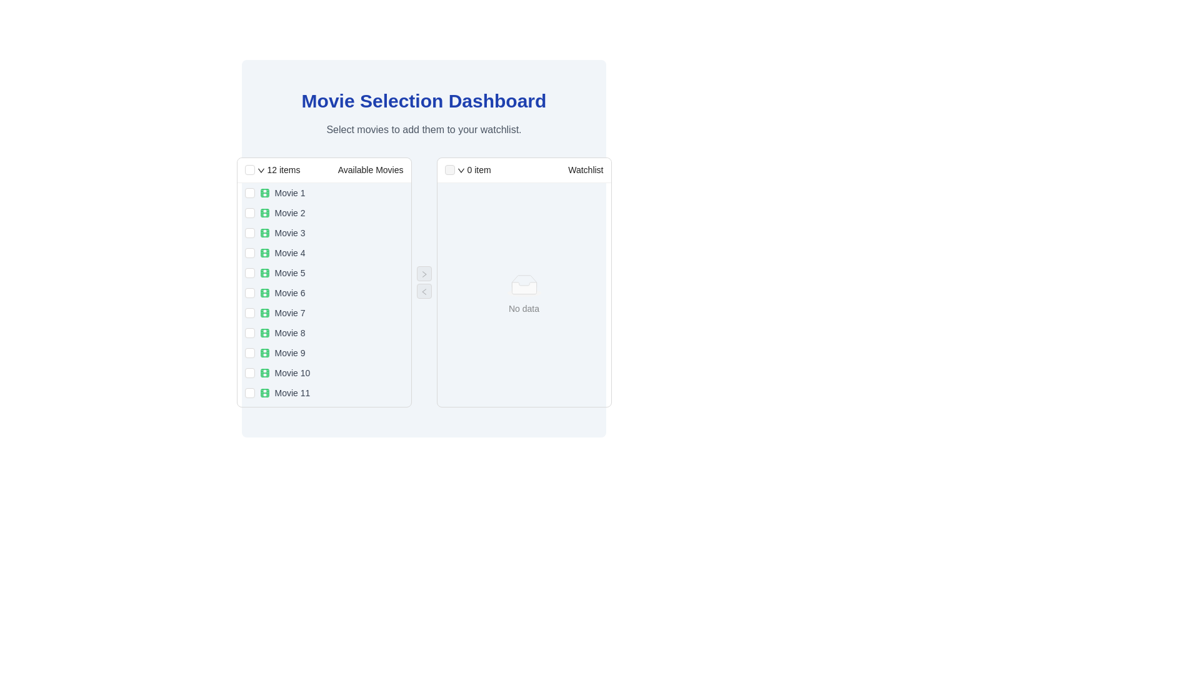 This screenshot has height=675, width=1200. I want to click on the list item labeled 'Movie 10' with a checkbox, so click(324, 372).